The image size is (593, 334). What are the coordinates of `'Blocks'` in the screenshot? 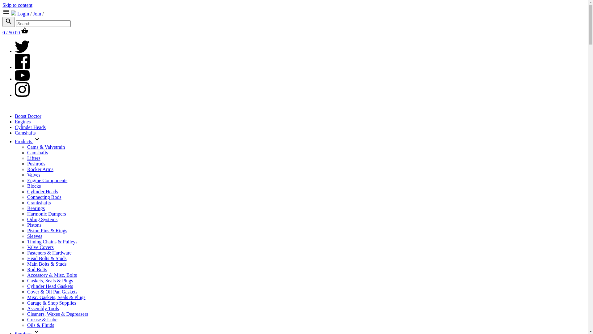 It's located at (34, 186).